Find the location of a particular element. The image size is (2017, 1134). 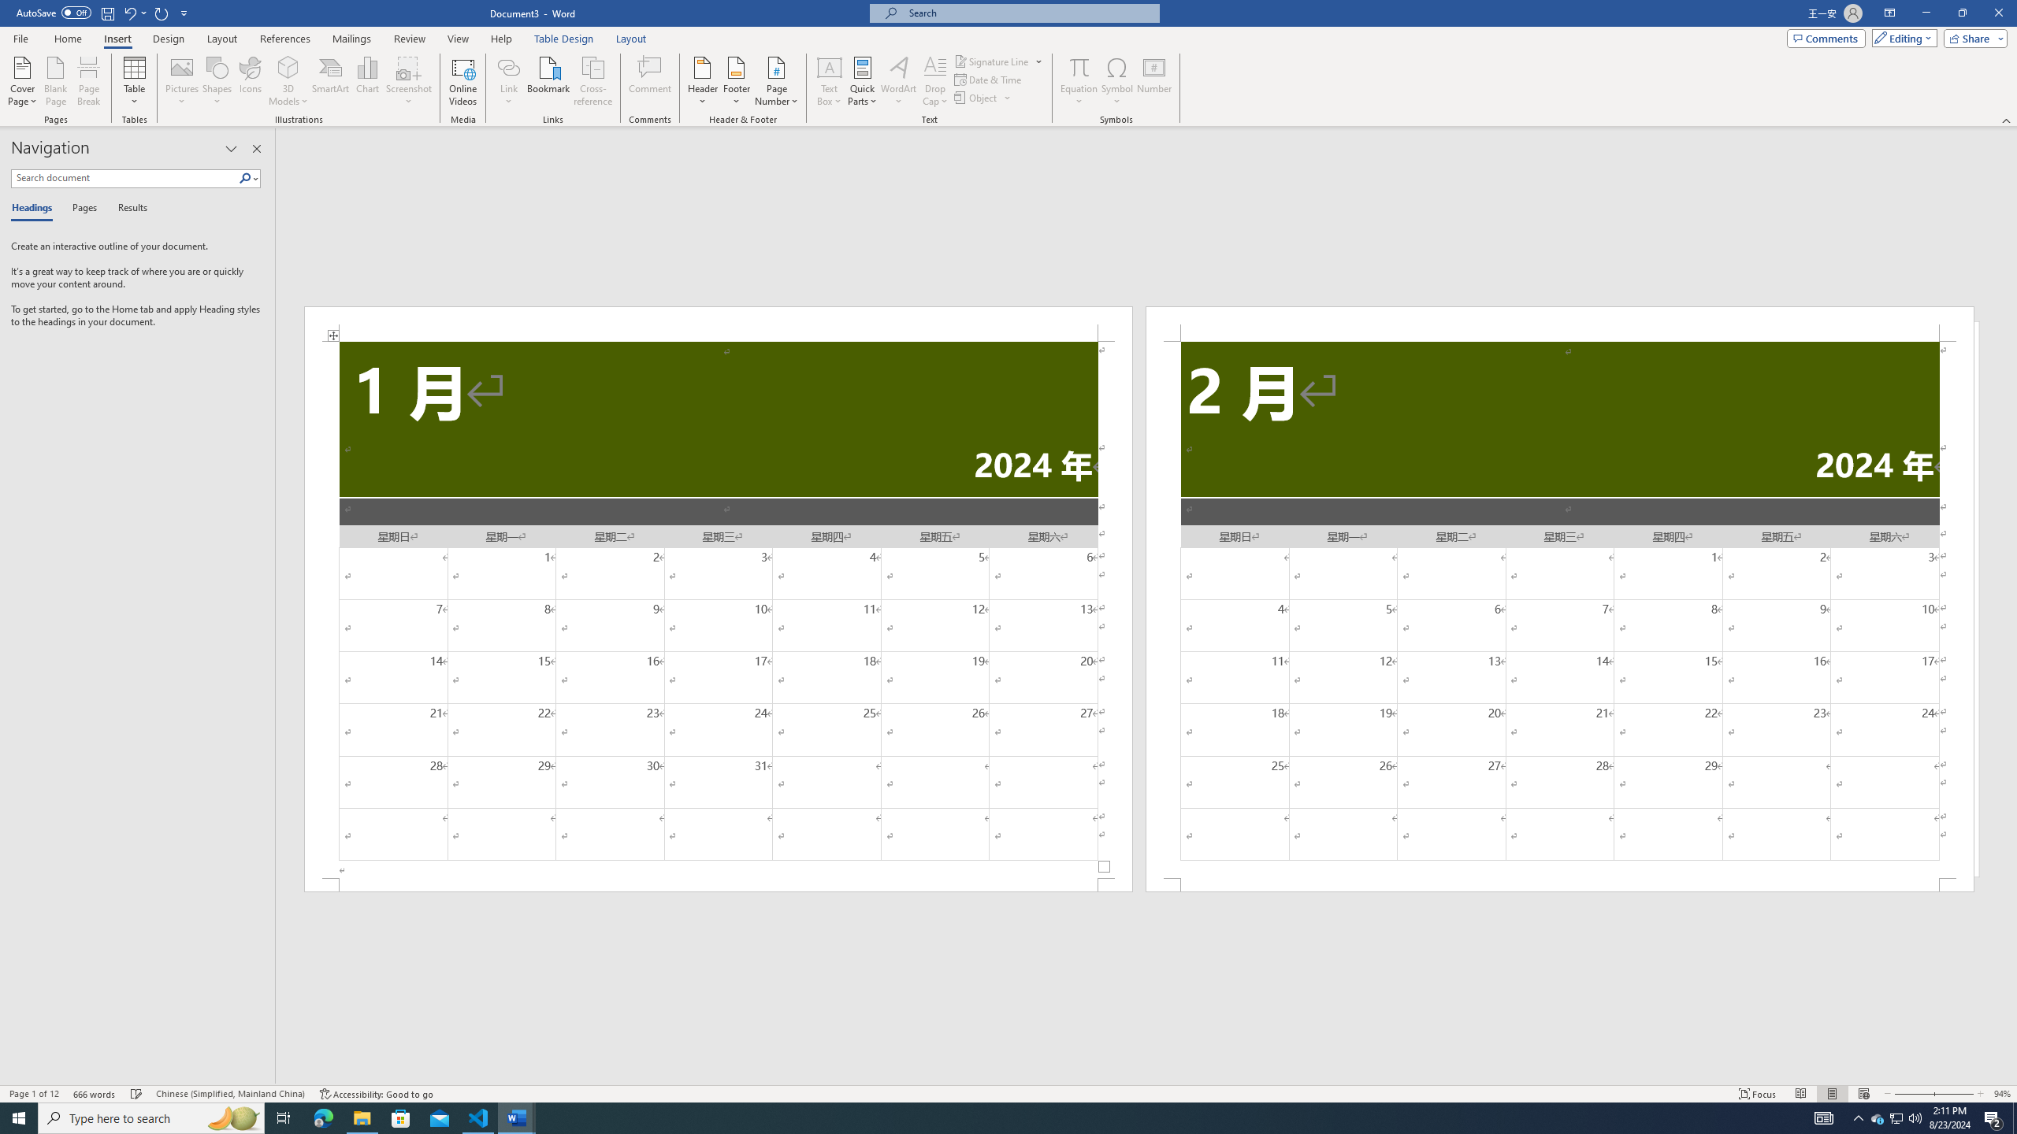

'Signature Line' is located at coordinates (992, 61).